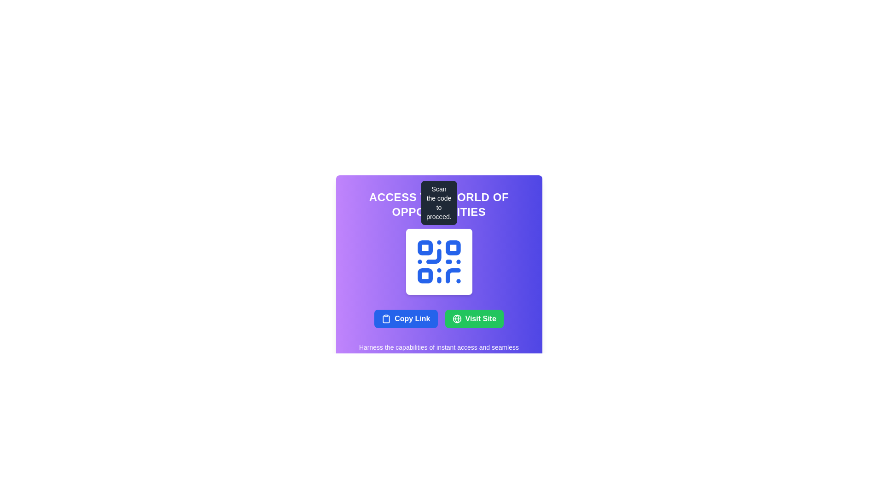 The image size is (884, 497). I want to click on the rounded rectangle icon located at the center of the clipboard icon, which is positioned in the middle-right of the interface, so click(386, 318).